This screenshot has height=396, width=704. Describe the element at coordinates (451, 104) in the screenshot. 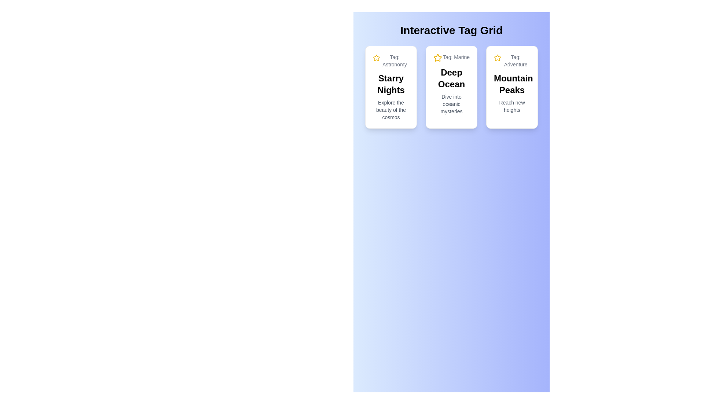

I see `the descriptive text block located at the bottom of the 'Deep Ocean' card in the tri-column layout` at that location.